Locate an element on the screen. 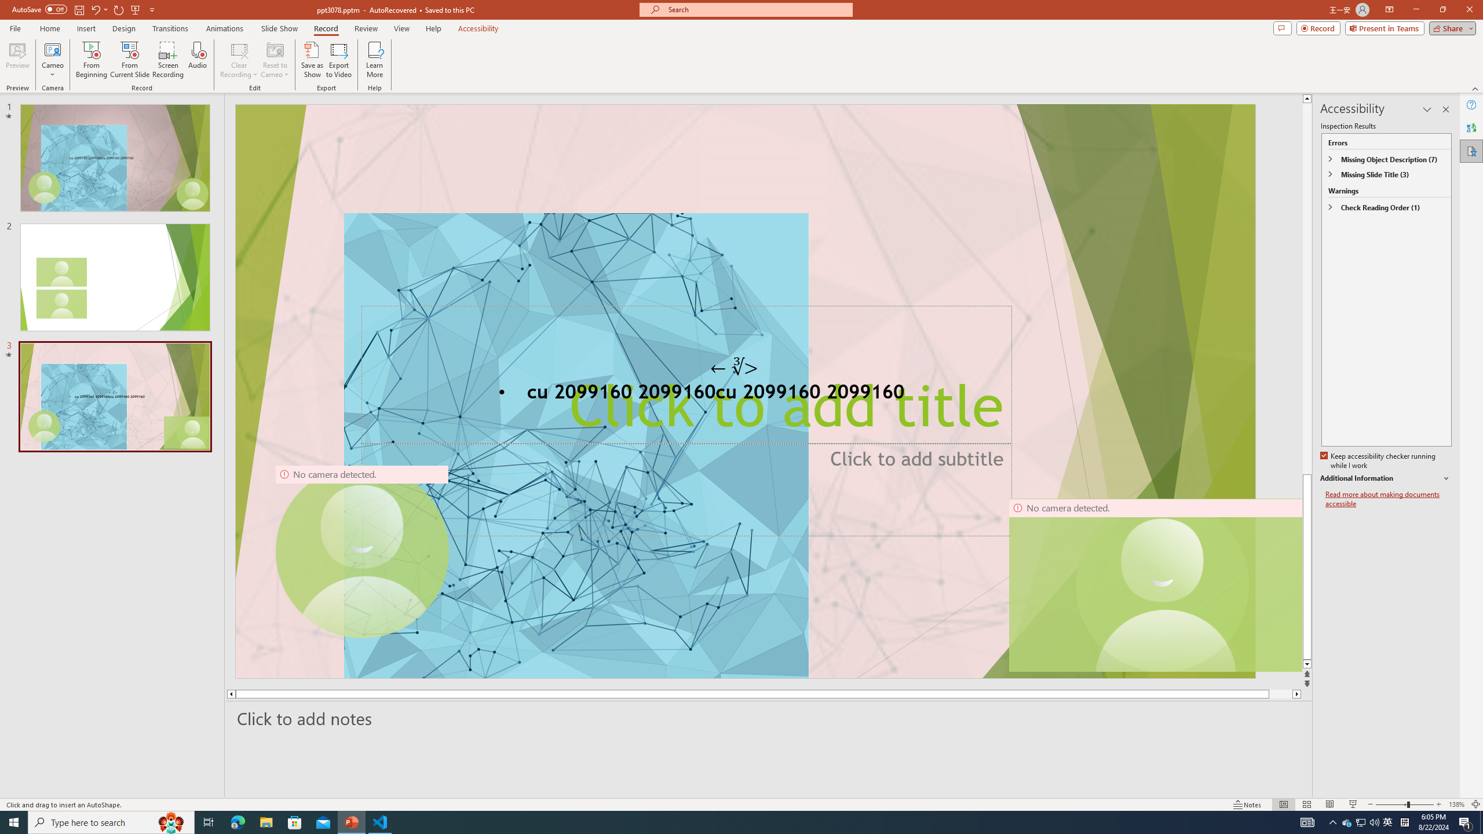  'Save as Show' is located at coordinates (312, 60).